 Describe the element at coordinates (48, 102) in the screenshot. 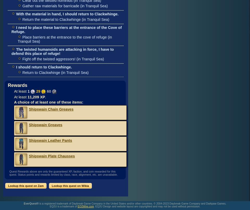

I see `'A choice of at least one of these items:'` at that location.